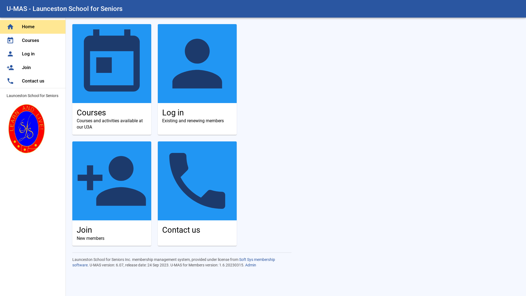 This screenshot has height=296, width=526. I want to click on 'Contact us', so click(197, 193).